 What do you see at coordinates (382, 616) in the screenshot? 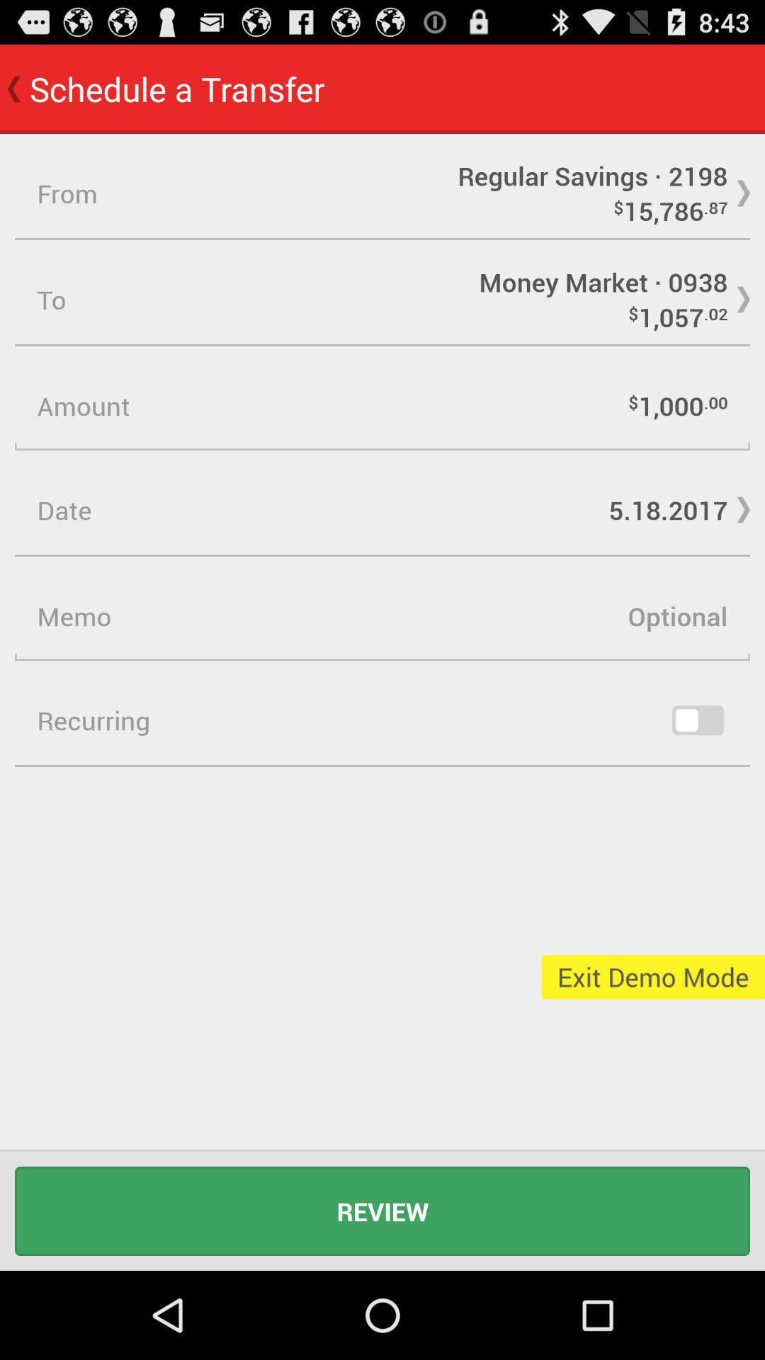
I see `memo option above the recurring` at bounding box center [382, 616].